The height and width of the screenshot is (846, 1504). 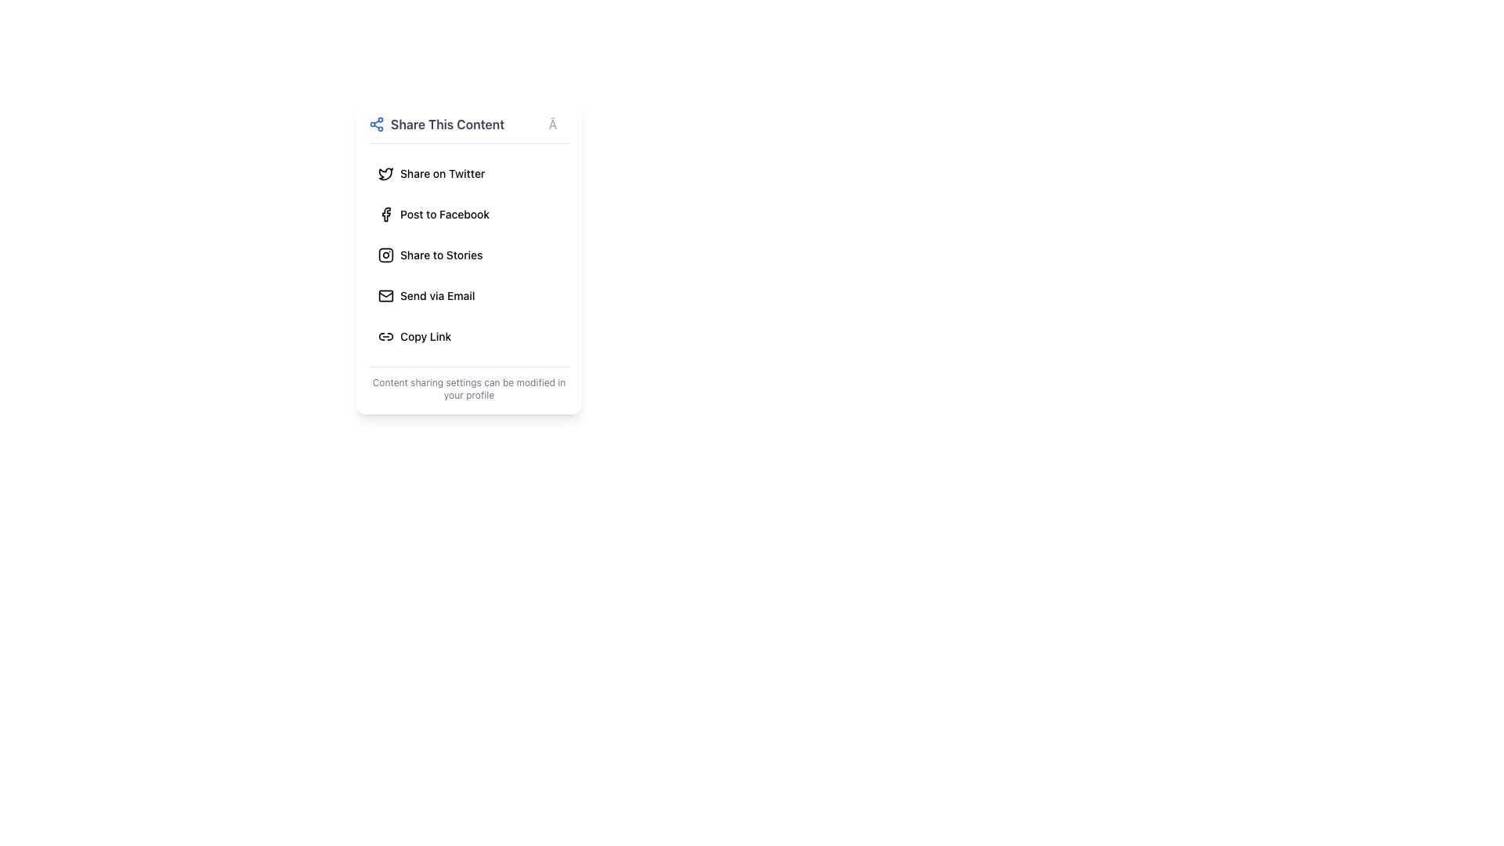 I want to click on the share to Stories icon, which is the third item in the horizontal menu layout, located to the left of the text 'Share to Stories', so click(x=386, y=255).